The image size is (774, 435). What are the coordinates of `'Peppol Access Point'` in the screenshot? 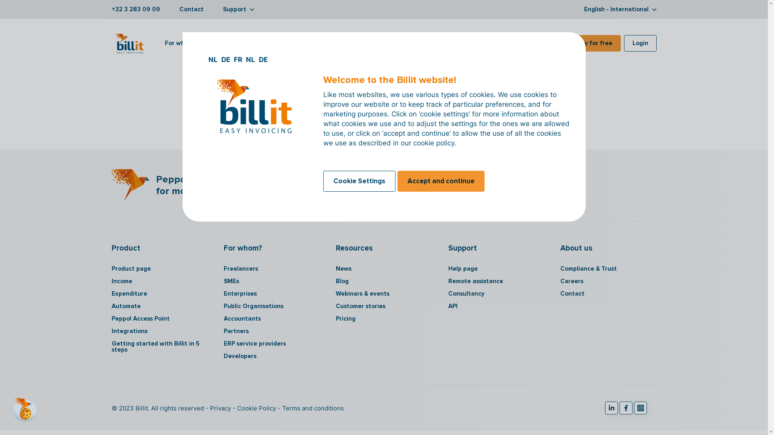 It's located at (159, 318).